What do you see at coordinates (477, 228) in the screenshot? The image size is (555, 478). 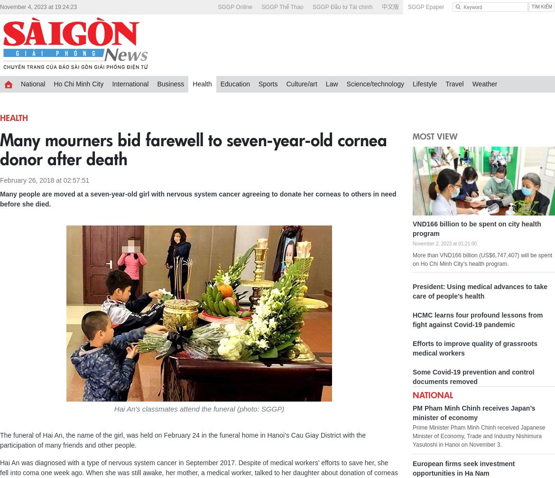 I see `'VND166 billion to be spent on city health program'` at bounding box center [477, 228].